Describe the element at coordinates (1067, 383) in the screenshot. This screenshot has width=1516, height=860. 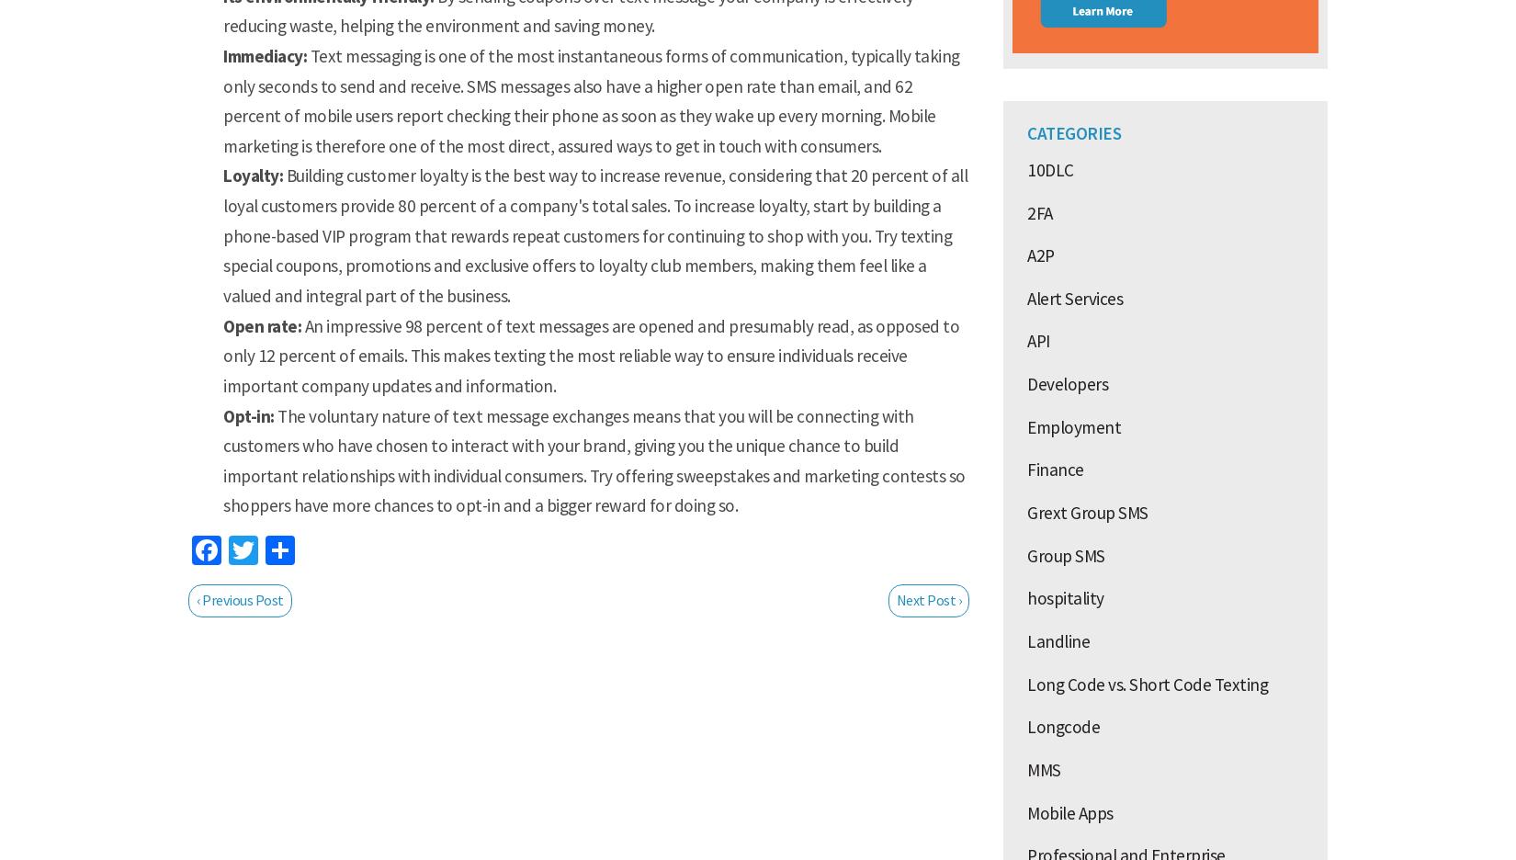
I see `'Developers'` at that location.